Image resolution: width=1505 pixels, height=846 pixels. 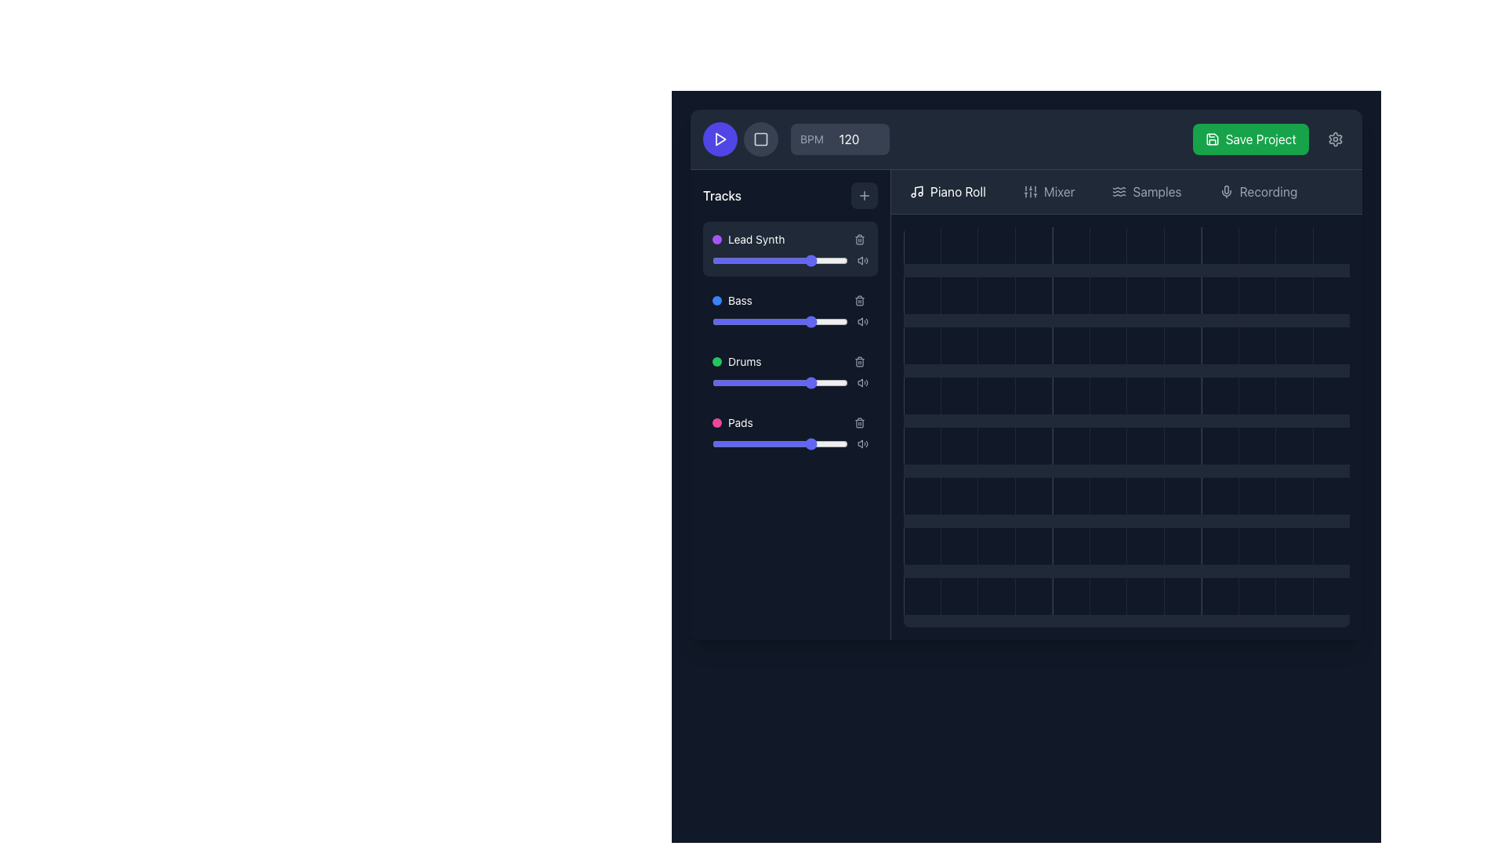 I want to click on the information displayed in the grid cell located in the first row and last column of the grid, which has a dark gray background and a subtle left-hand border, so click(x=1219, y=245).